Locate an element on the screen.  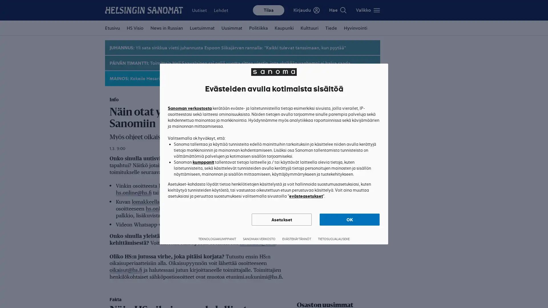
Jaa is located at coordinates (351, 9).